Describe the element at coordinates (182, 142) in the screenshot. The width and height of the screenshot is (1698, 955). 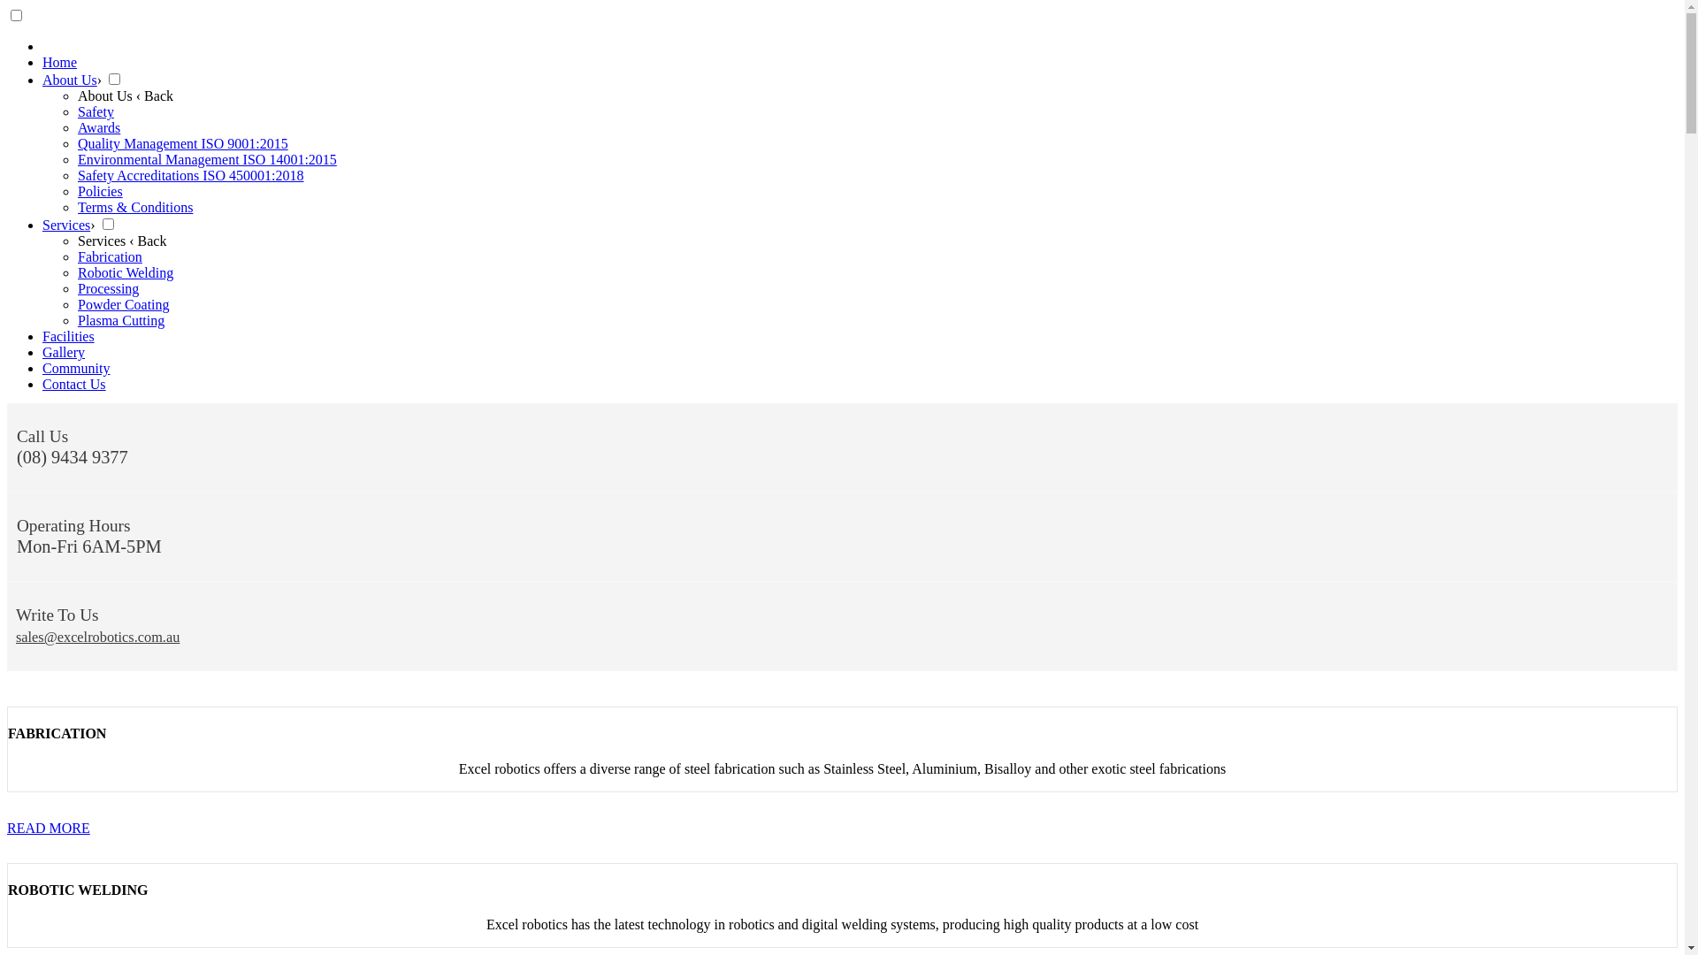
I see `'Quality Management ISO 9001:2015'` at that location.